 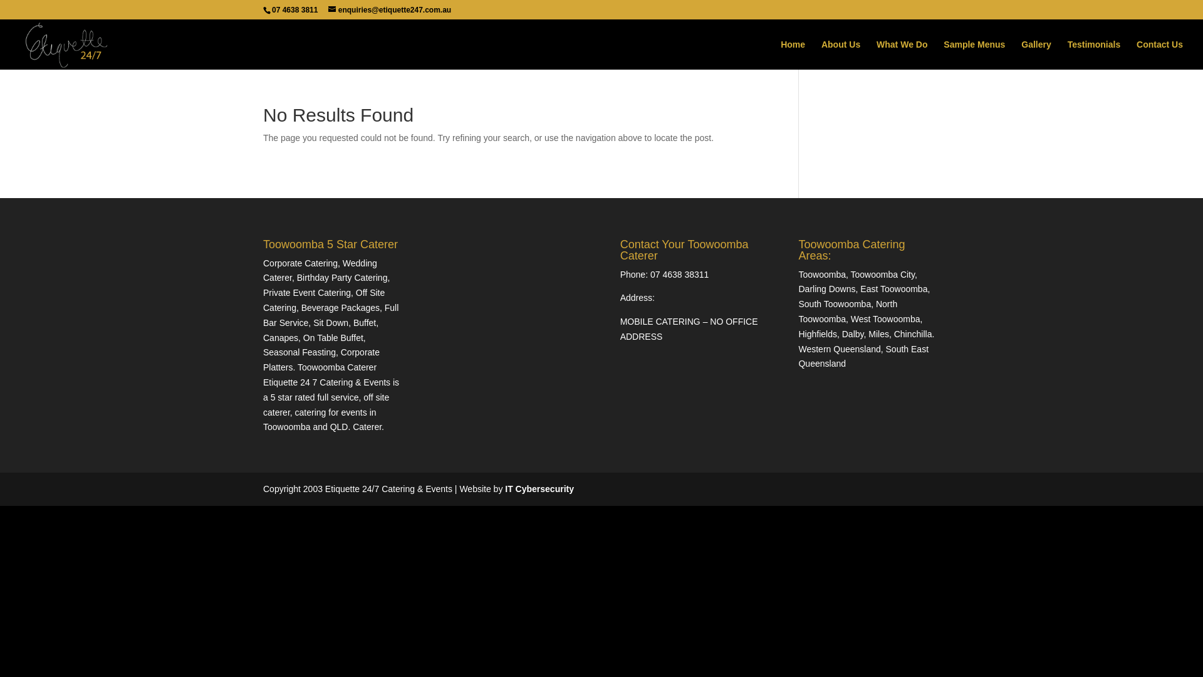 What do you see at coordinates (1137, 54) in the screenshot?
I see `'Contact Us'` at bounding box center [1137, 54].